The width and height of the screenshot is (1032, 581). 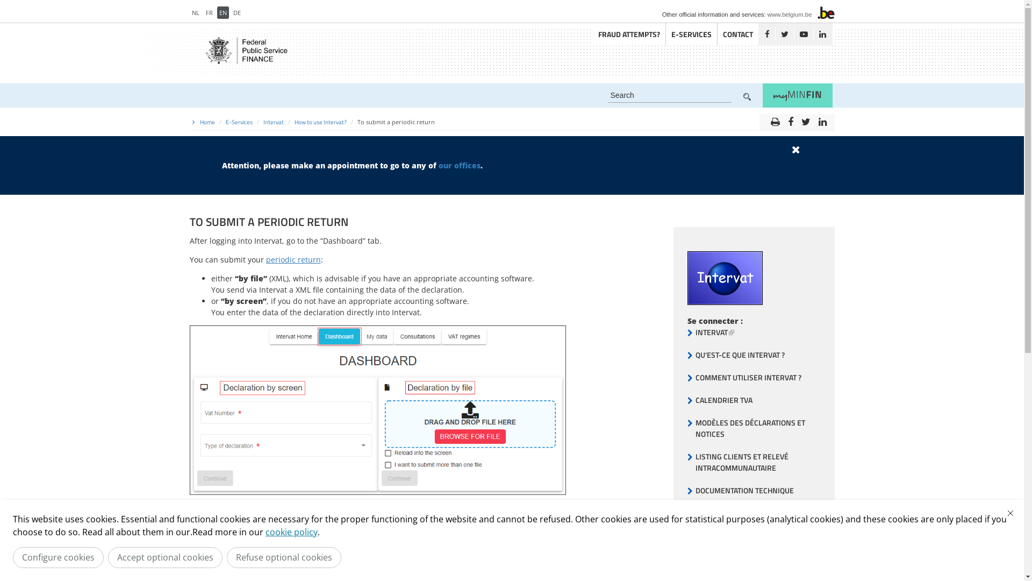 I want to click on 'INTERVAT, so click(x=714, y=331).